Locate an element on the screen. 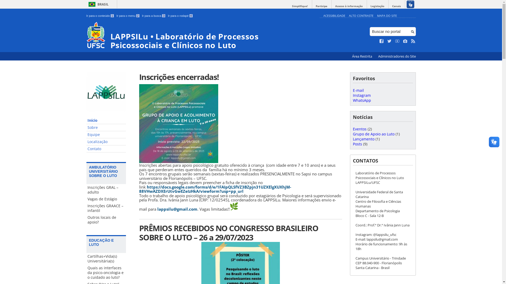  'Equipe' is located at coordinates (106, 134).